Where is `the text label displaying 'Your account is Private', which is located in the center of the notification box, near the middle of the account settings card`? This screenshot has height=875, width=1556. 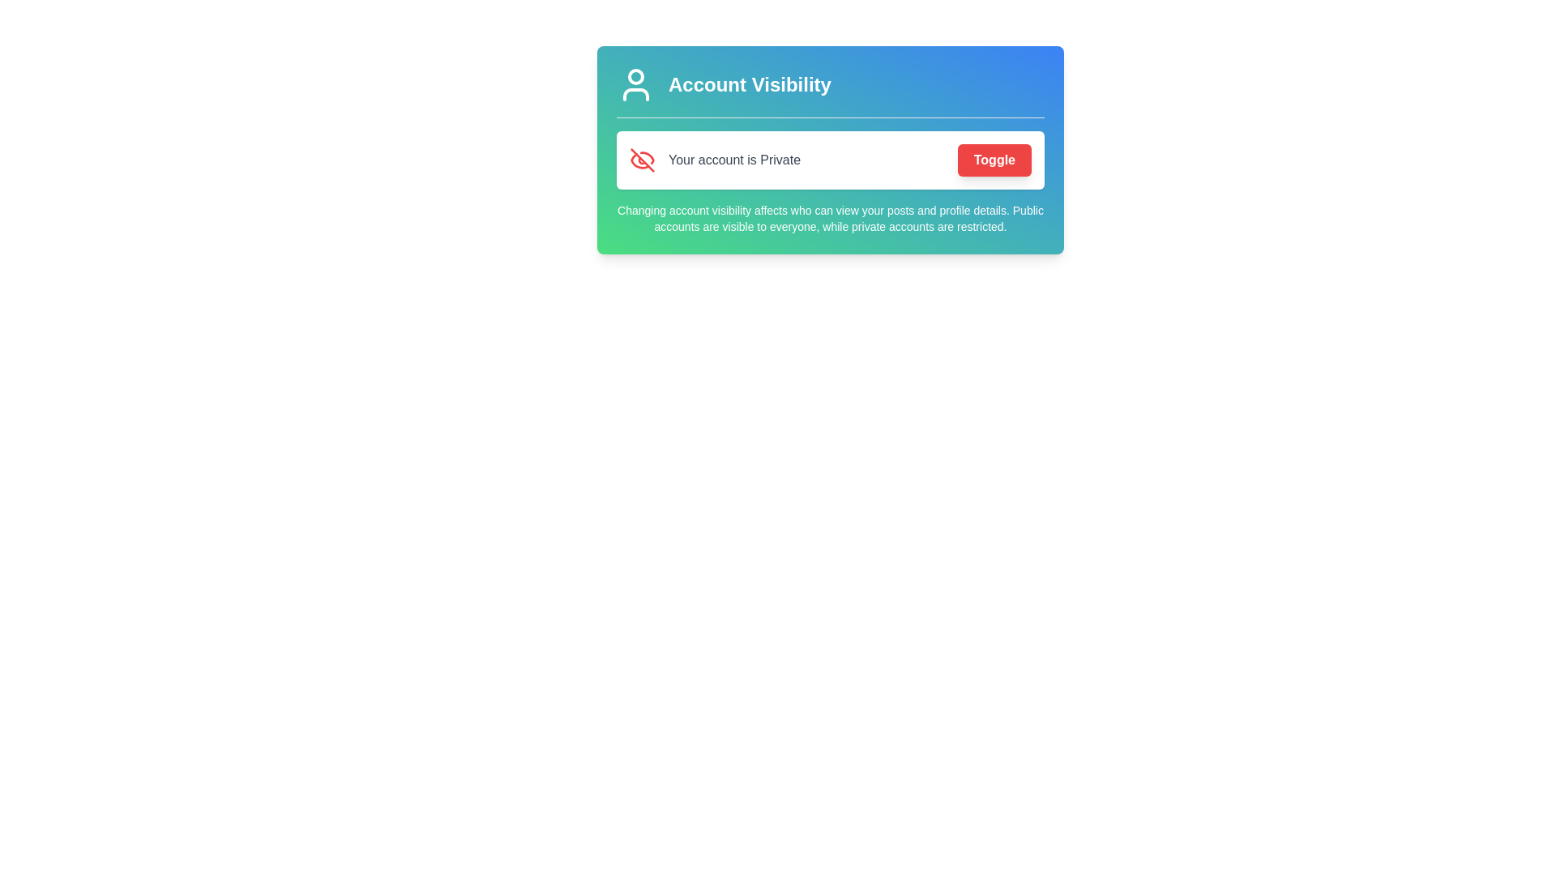 the text label displaying 'Your account is Private', which is located in the center of the notification box, near the middle of the account settings card is located at coordinates (733, 160).